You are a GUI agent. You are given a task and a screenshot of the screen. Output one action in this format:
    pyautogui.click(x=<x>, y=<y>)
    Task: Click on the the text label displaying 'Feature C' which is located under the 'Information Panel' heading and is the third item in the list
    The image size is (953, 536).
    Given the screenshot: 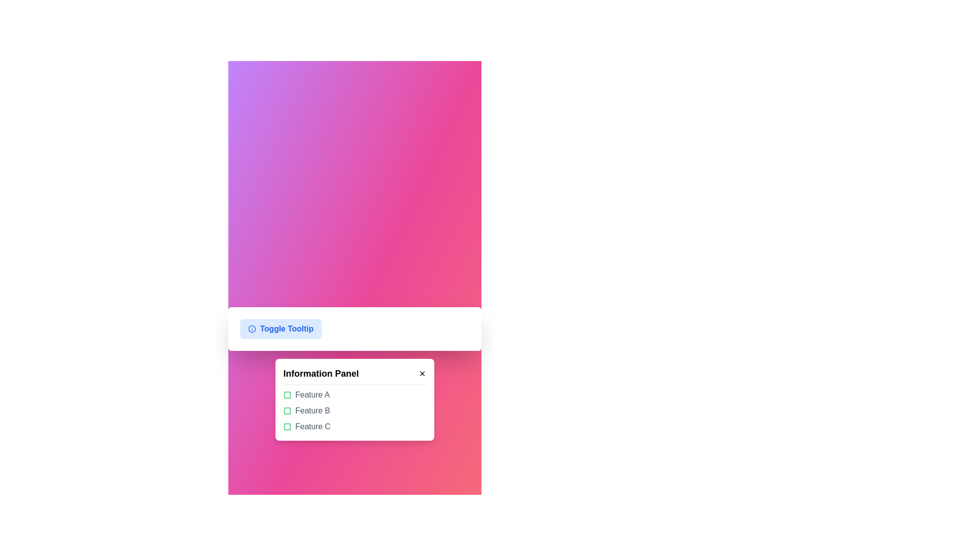 What is the action you would take?
    pyautogui.click(x=312, y=426)
    